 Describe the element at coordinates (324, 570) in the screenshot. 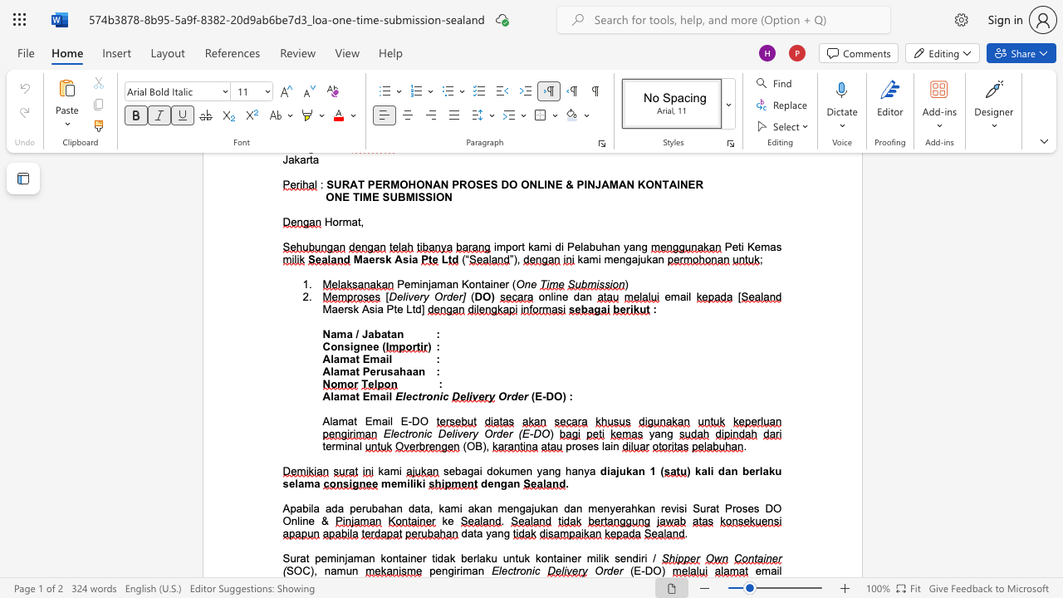

I see `the subset text "na" within the text "SOC), namun"` at that location.